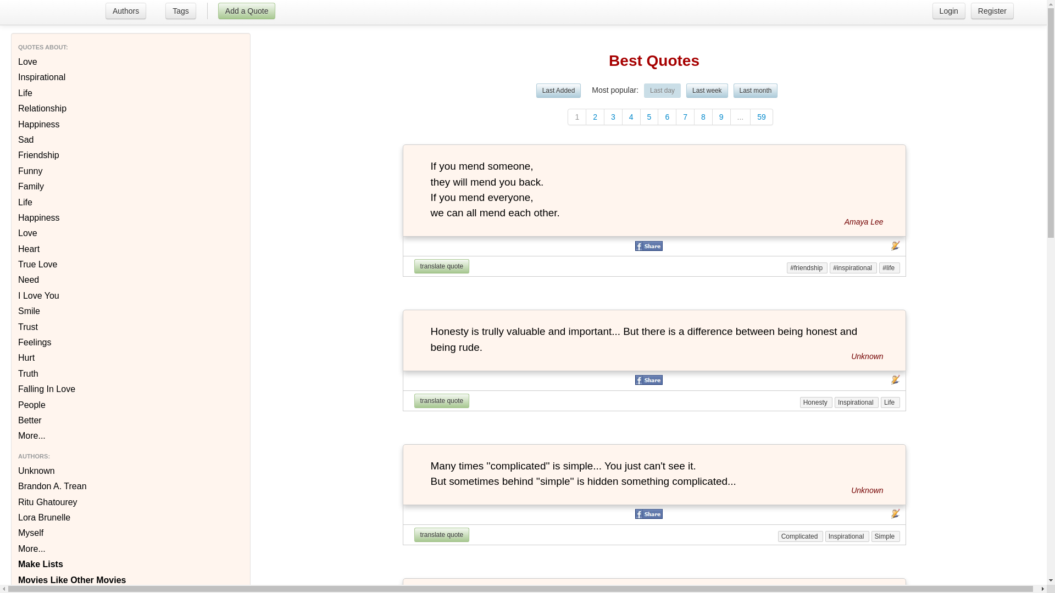 Image resolution: width=1055 pixels, height=593 pixels. Describe the element at coordinates (10, 124) in the screenshot. I see `'Happiness'` at that location.